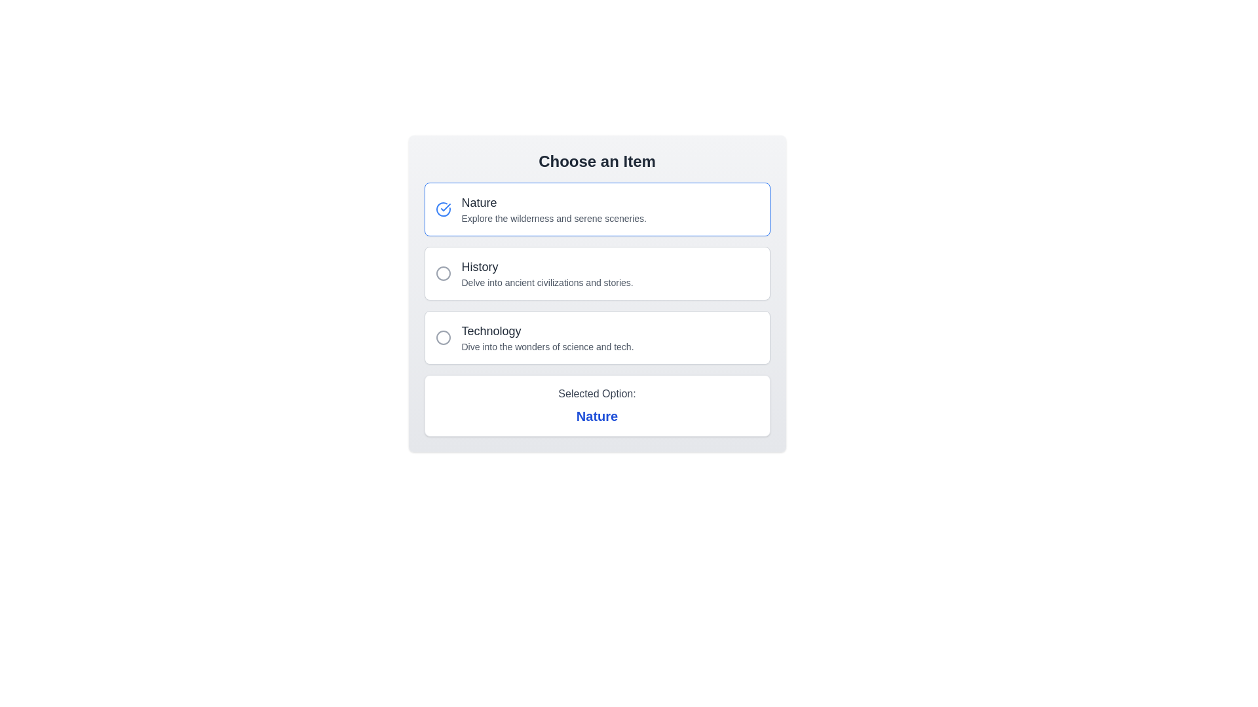 The height and width of the screenshot is (707, 1258). Describe the element at coordinates (443, 209) in the screenshot. I see `the visual indicator icon that denotes the 'Nature' option is currently selected` at that location.